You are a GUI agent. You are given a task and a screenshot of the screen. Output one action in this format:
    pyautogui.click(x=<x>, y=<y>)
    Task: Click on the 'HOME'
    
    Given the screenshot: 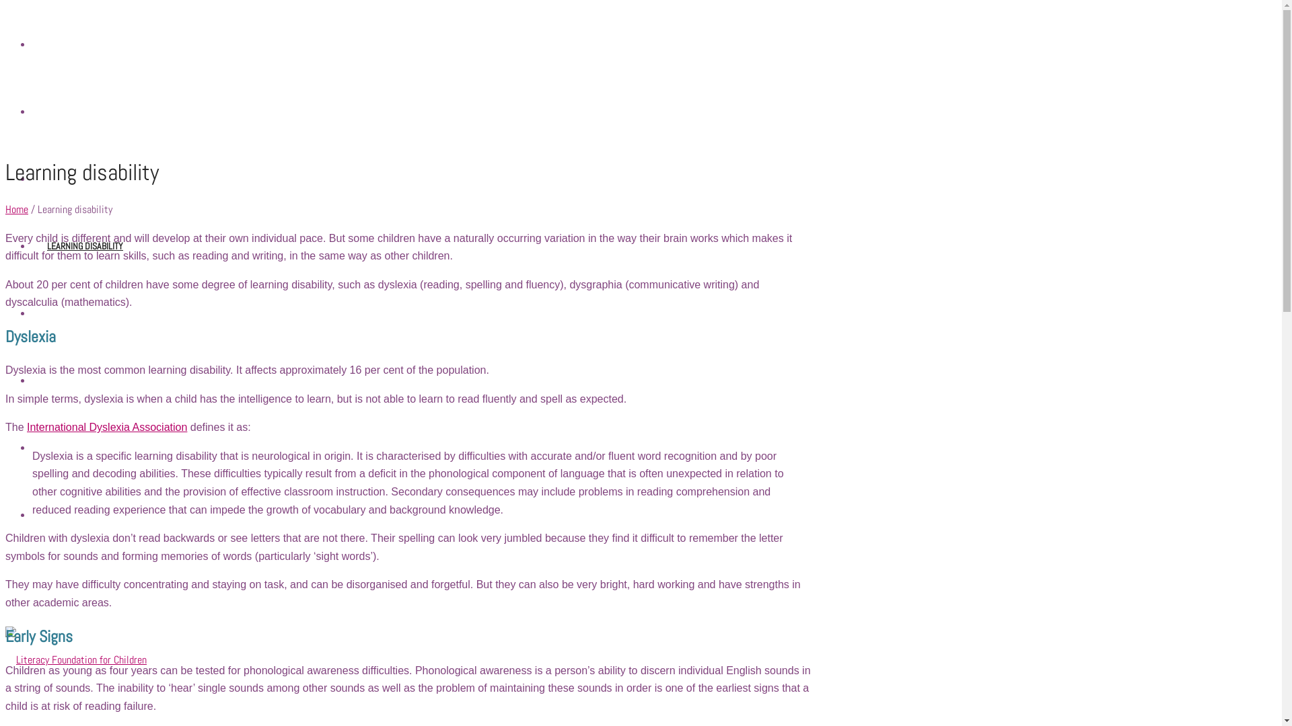 What is the action you would take?
    pyautogui.click(x=55, y=43)
    